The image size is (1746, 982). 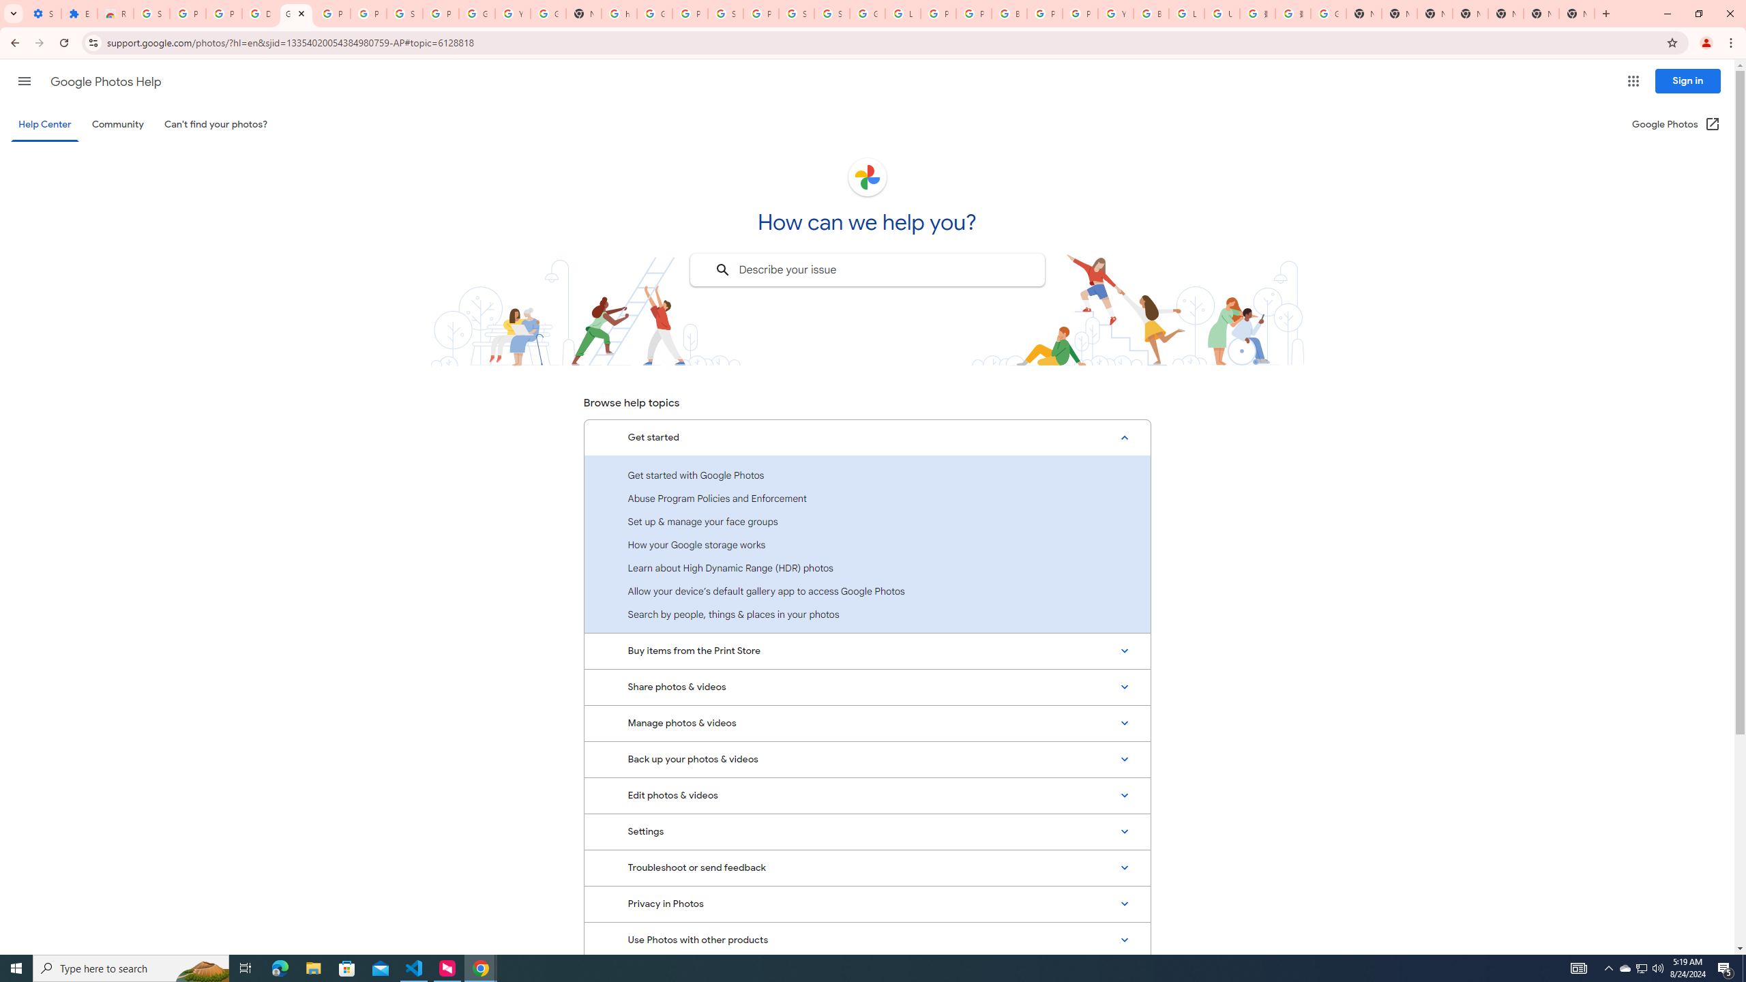 What do you see at coordinates (1576, 13) in the screenshot?
I see `'New Tab'` at bounding box center [1576, 13].